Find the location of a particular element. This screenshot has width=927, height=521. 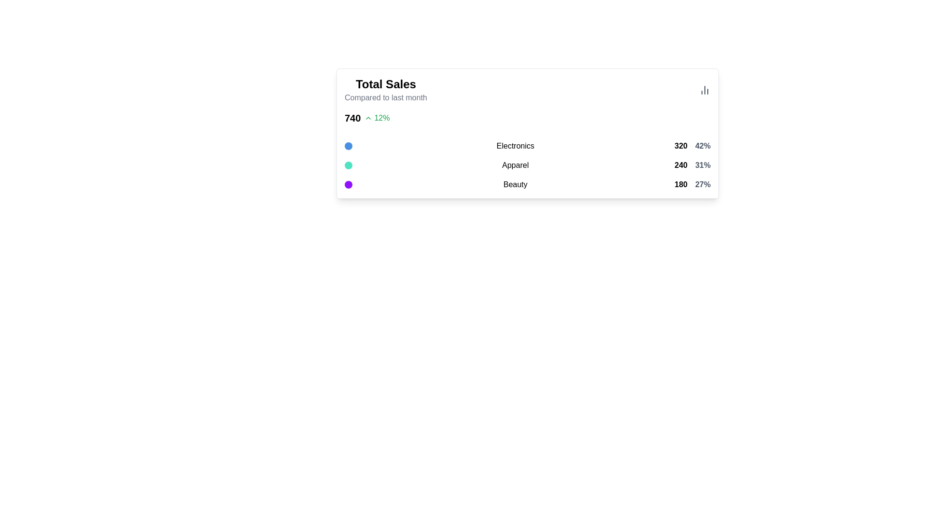

the circular icon that represents the 'Apparel' category, which is positioned to the left of the text 'Apparel' and aligned with the value '240' and percentage '31%' is located at coordinates (348, 165).